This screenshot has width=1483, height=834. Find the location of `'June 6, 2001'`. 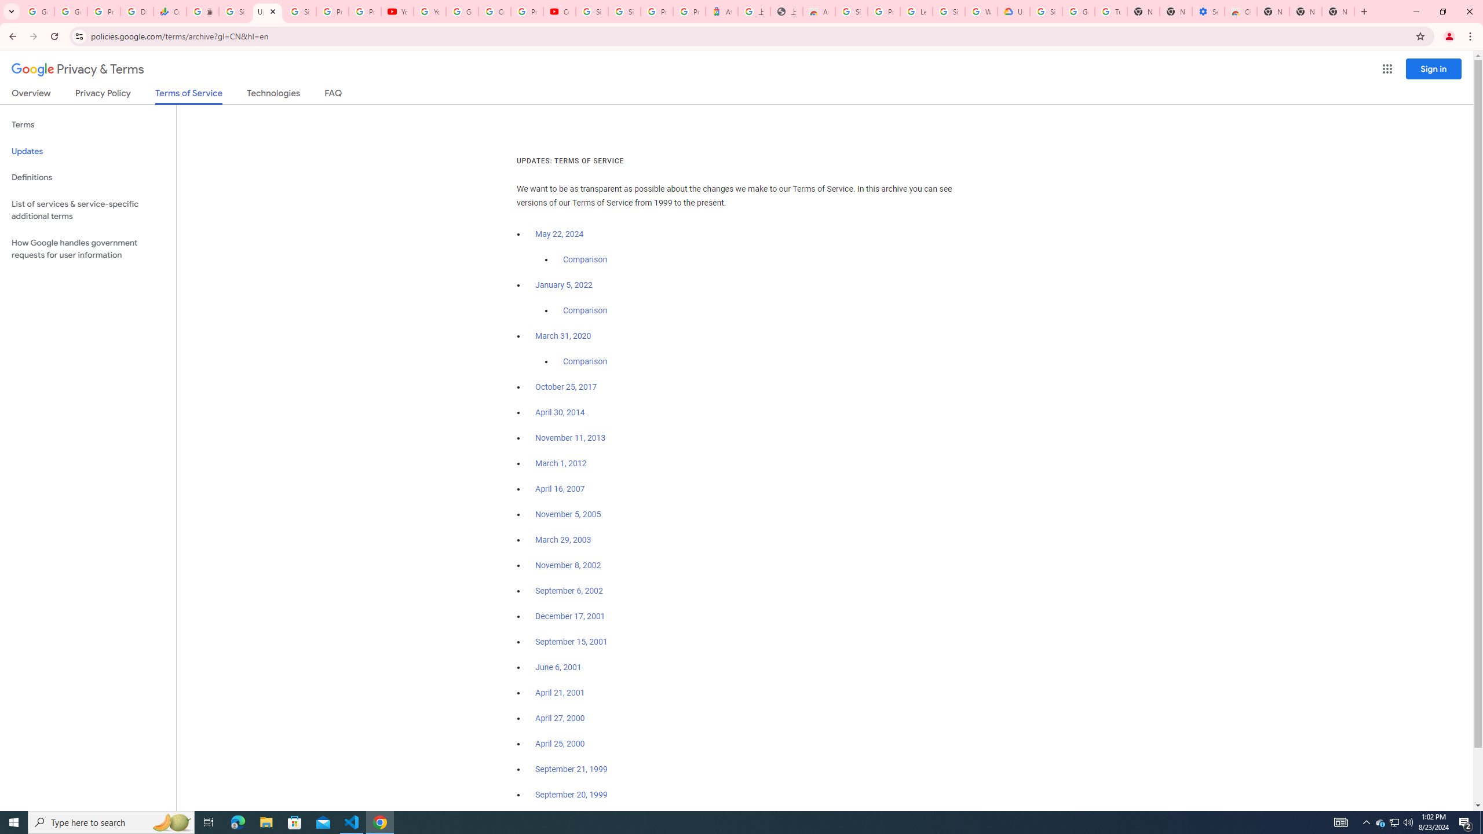

'June 6, 2001' is located at coordinates (557, 667).